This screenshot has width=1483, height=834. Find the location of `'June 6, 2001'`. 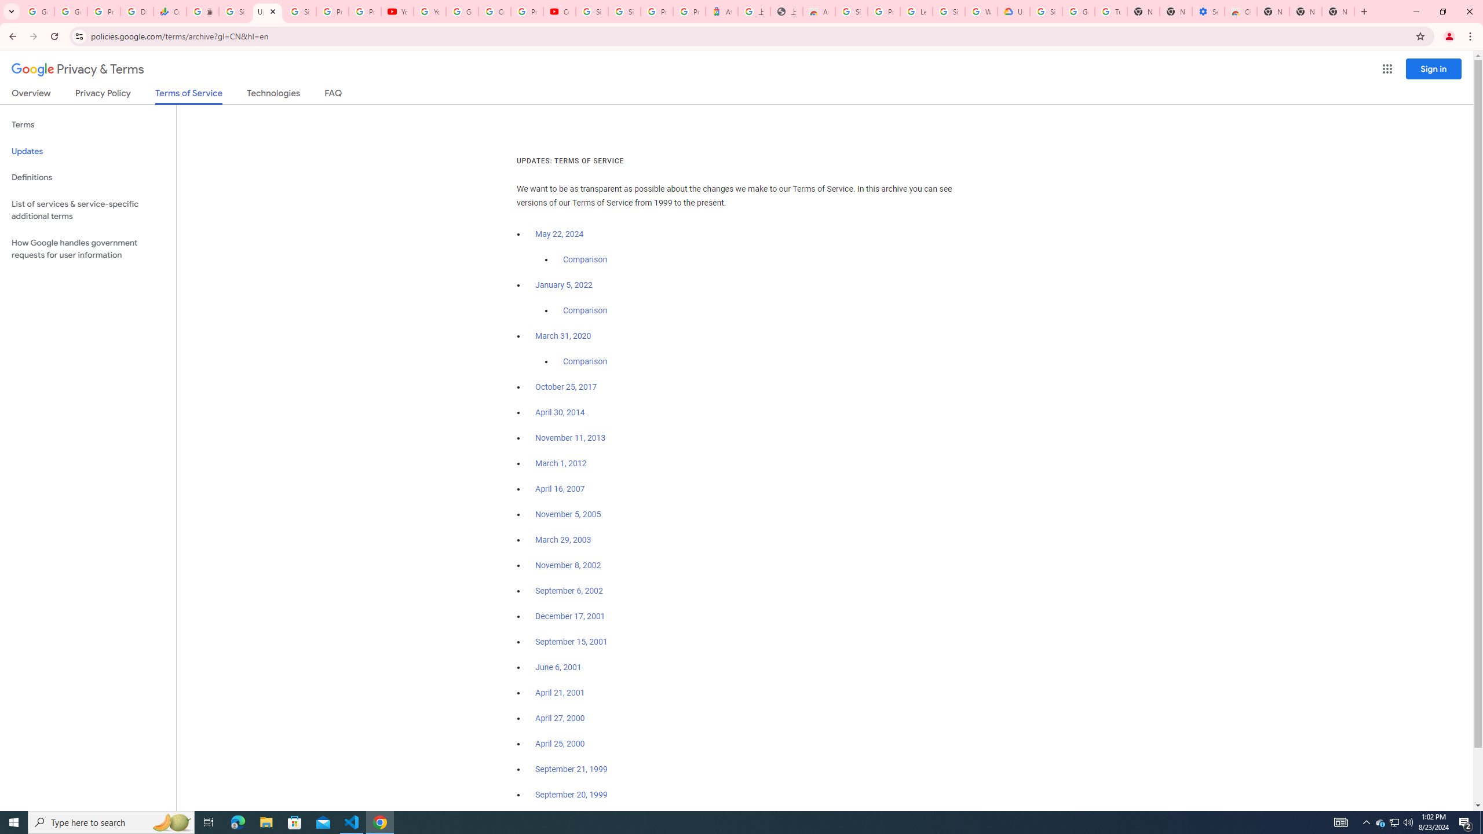

'June 6, 2001' is located at coordinates (557, 667).